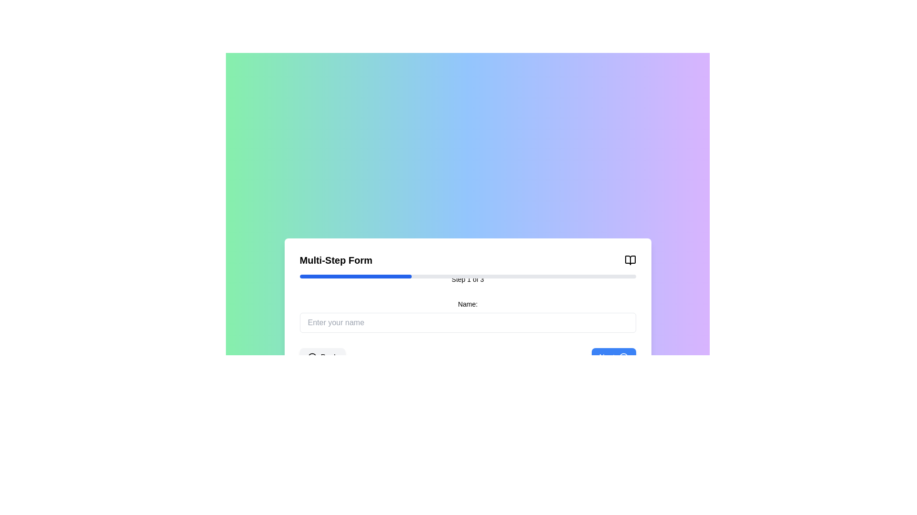 The height and width of the screenshot is (515, 917). What do you see at coordinates (336, 260) in the screenshot?
I see `the text label indicating the multi-step form, positioned at the leftmost part of the header section` at bounding box center [336, 260].